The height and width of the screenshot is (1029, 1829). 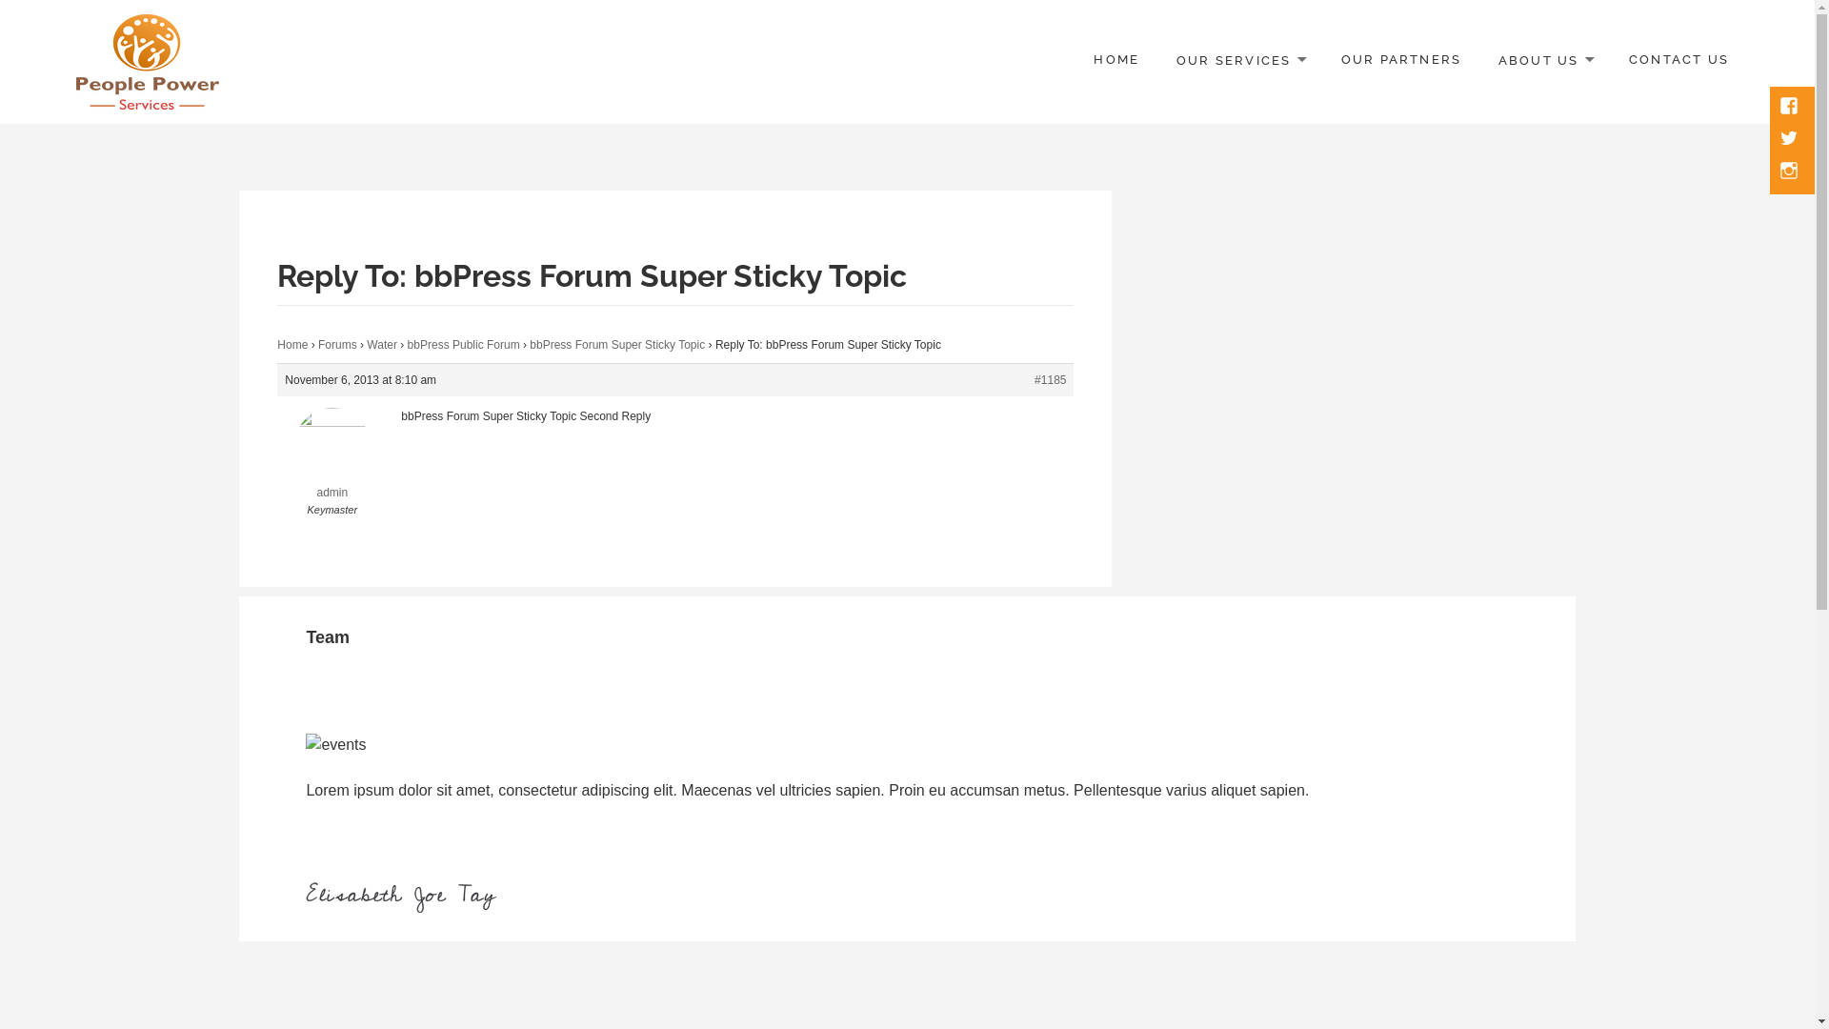 I want to click on 'OUR SERVICES', so click(x=1239, y=60).